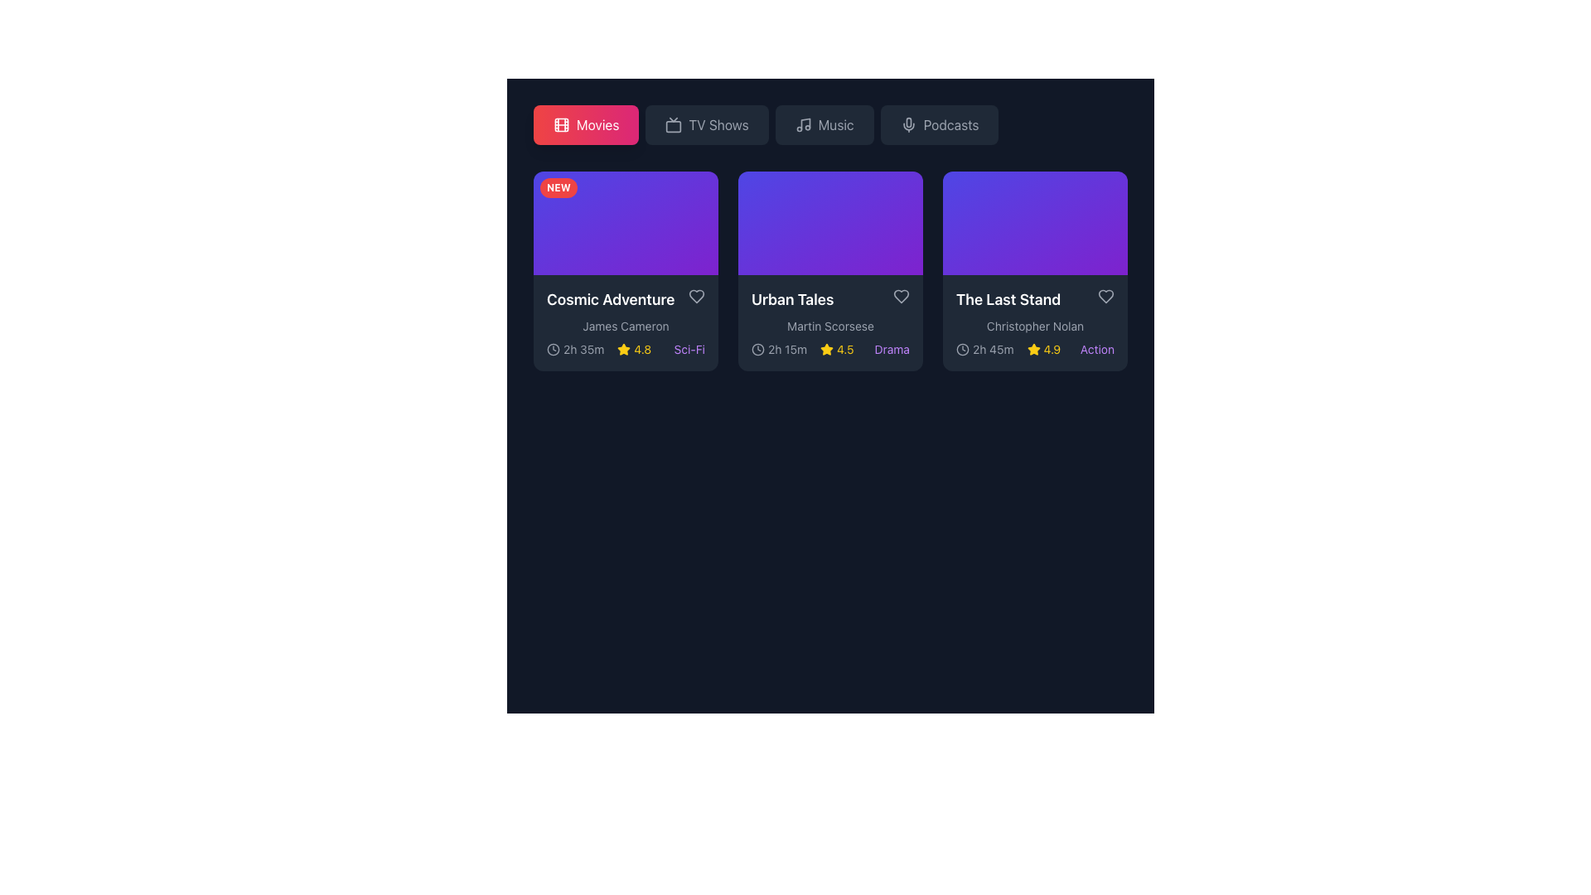 The width and height of the screenshot is (1591, 895). What do you see at coordinates (718, 123) in the screenshot?
I see `the 'TV Shows' text label in the navigation menu` at bounding box center [718, 123].